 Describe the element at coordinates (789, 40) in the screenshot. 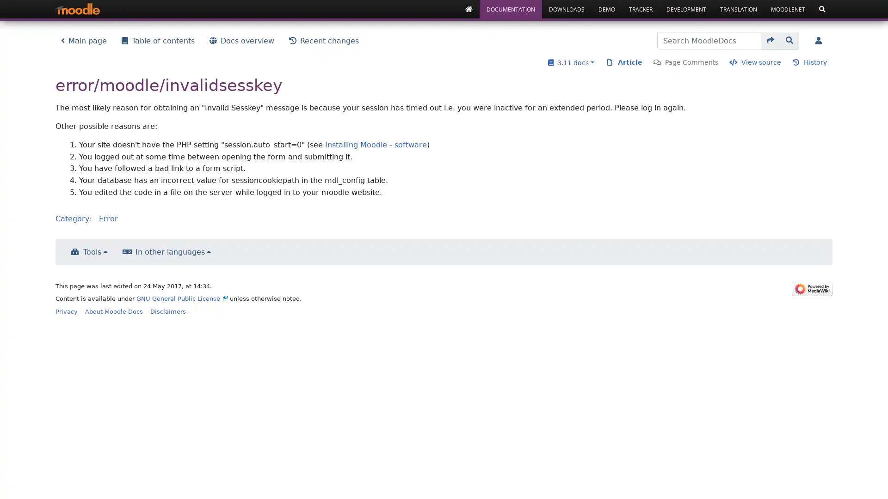

I see `Go to page` at that location.